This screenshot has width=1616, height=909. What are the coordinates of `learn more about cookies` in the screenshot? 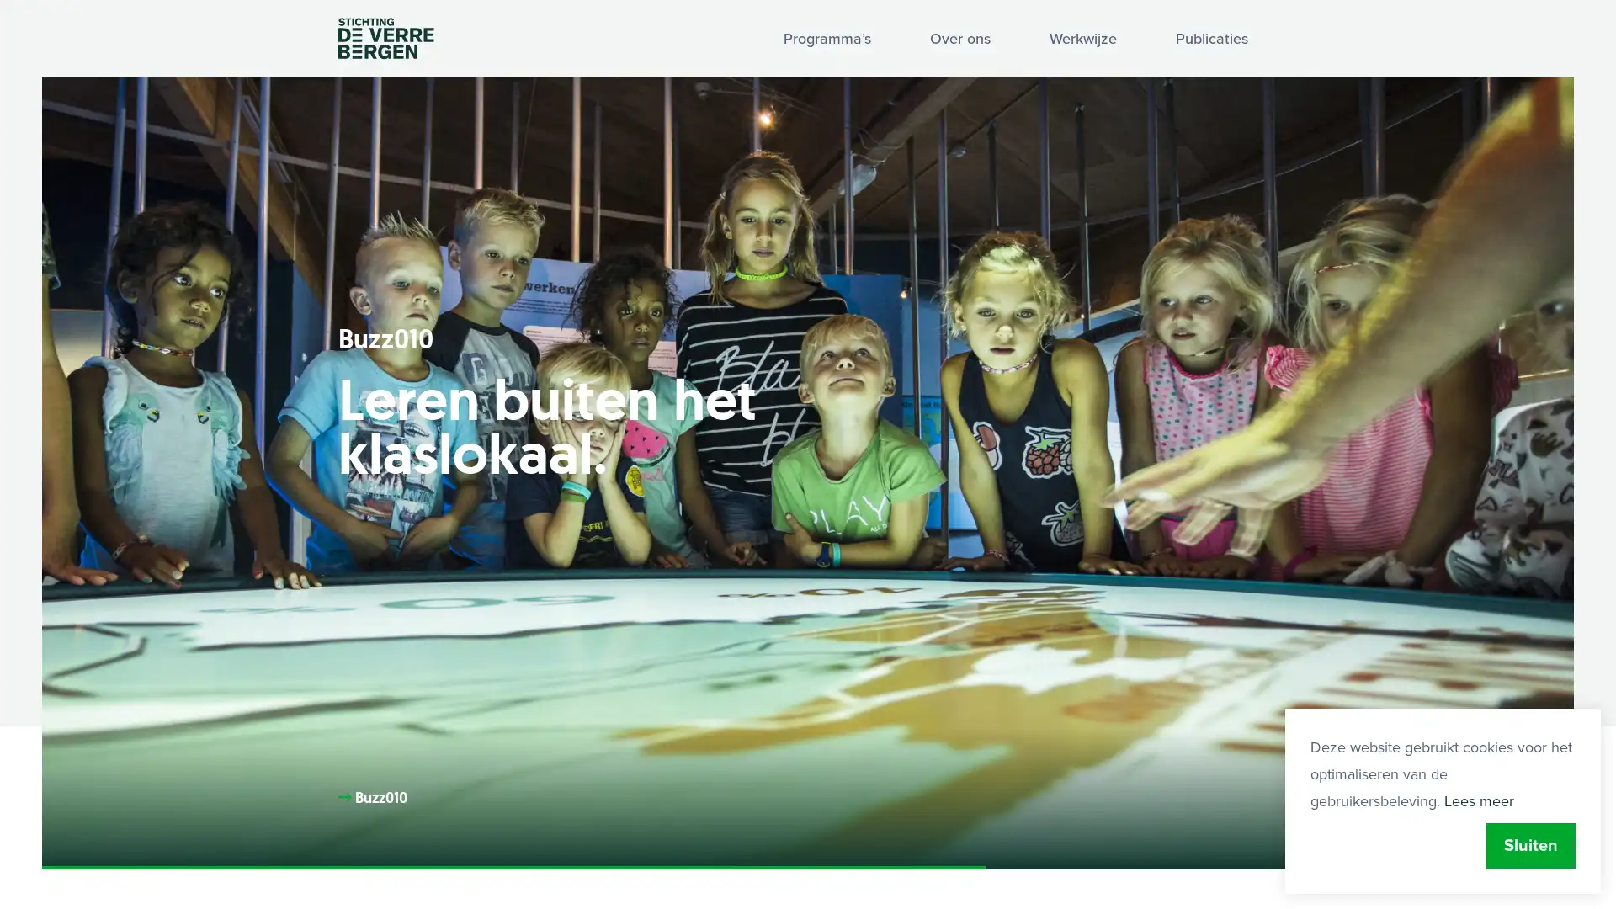 It's located at (1478, 800).